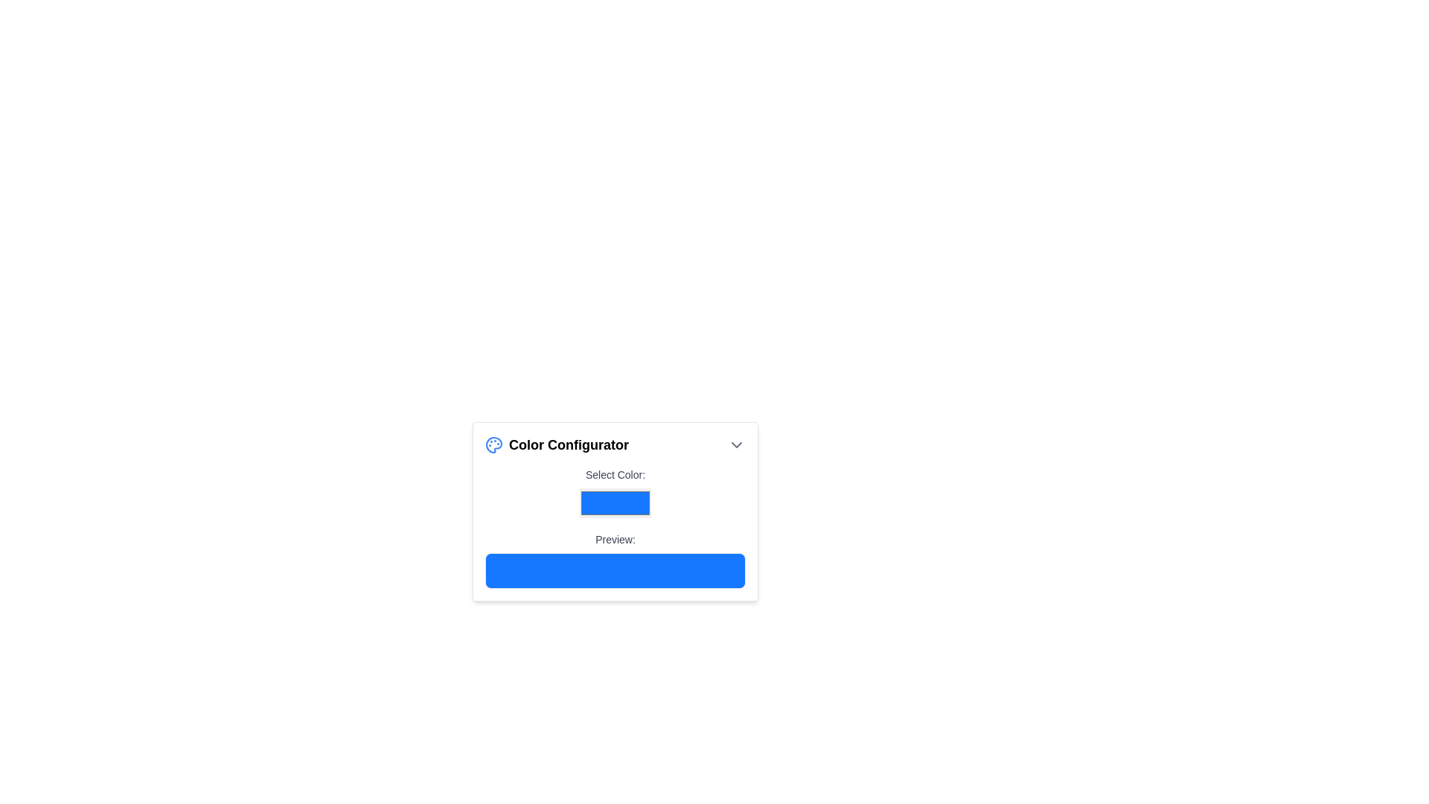 This screenshot has height=804, width=1429. I want to click on the graphical SVG component representing a color palette in the Color Configurator card layout, so click(493, 444).